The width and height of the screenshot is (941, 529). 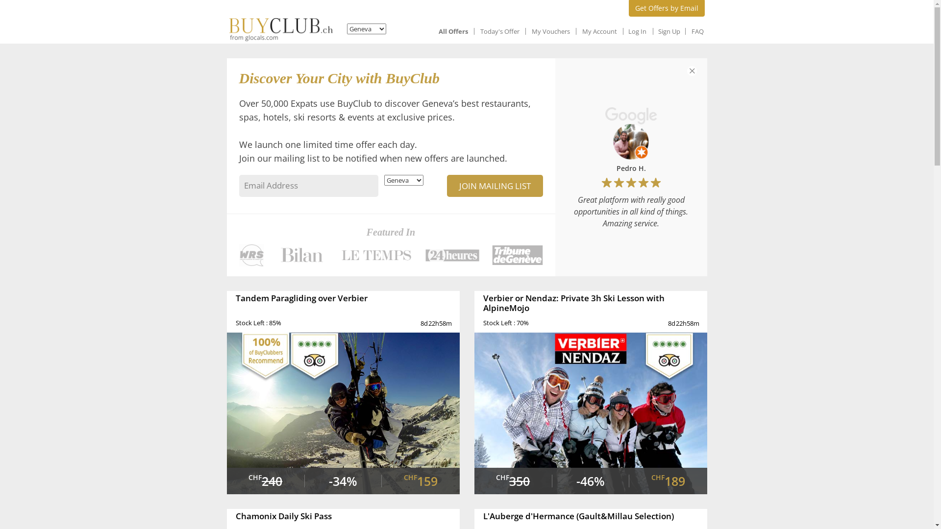 What do you see at coordinates (599, 31) in the screenshot?
I see `'My Account'` at bounding box center [599, 31].